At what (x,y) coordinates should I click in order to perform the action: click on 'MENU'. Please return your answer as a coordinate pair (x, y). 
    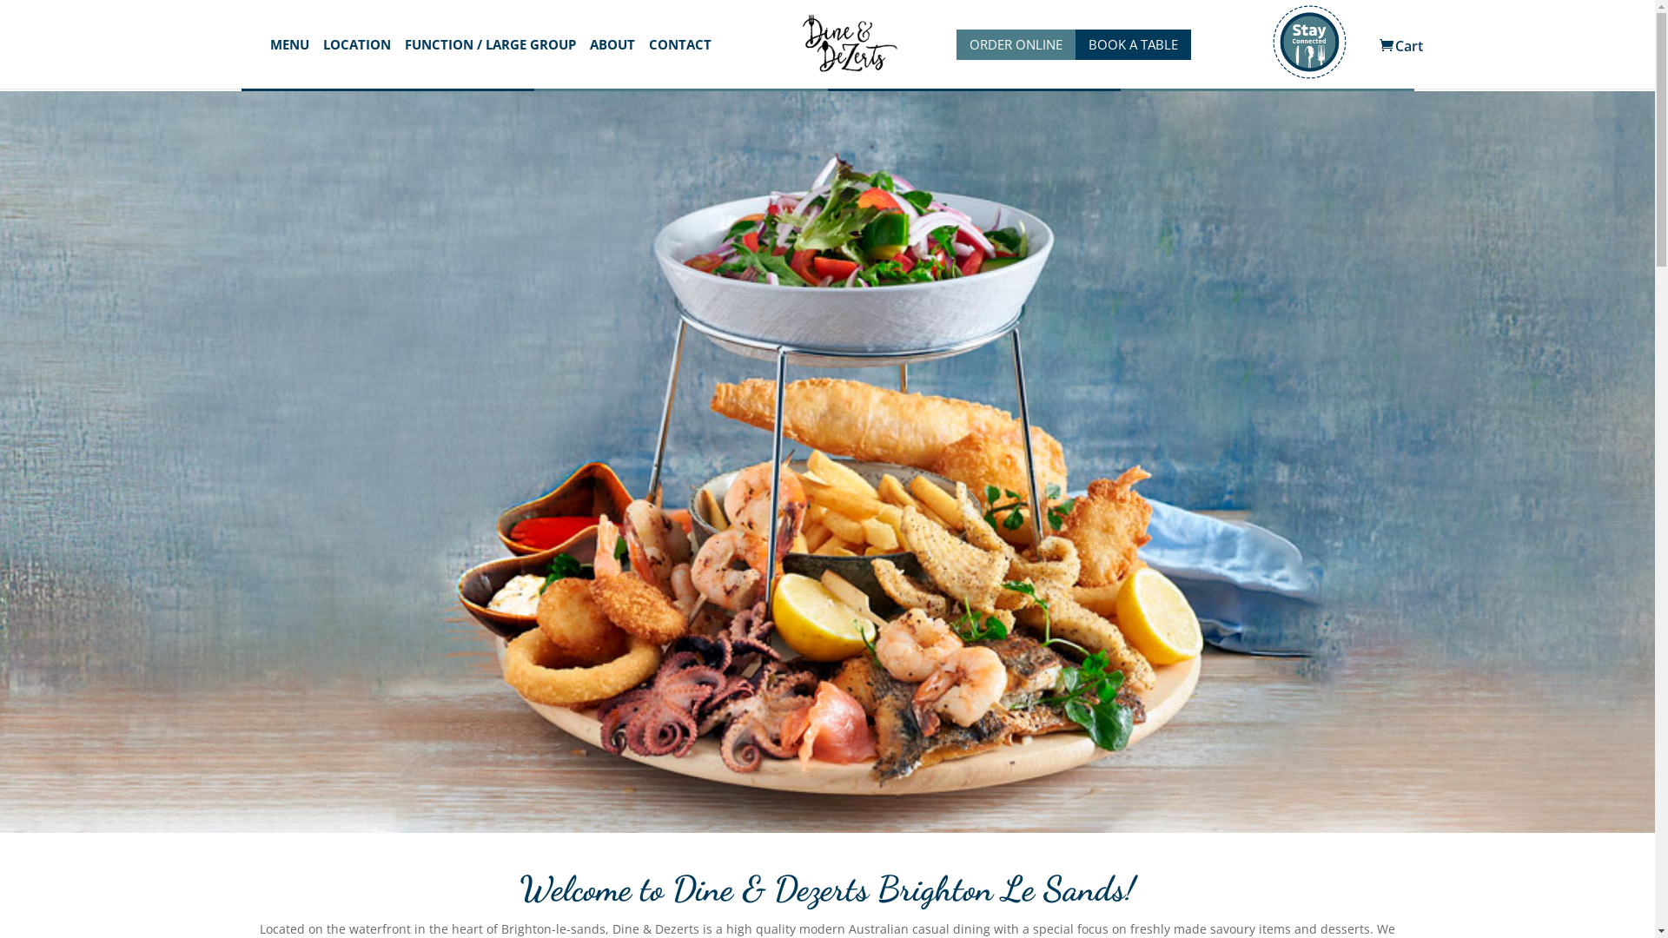
    Looking at the image, I should click on (268, 63).